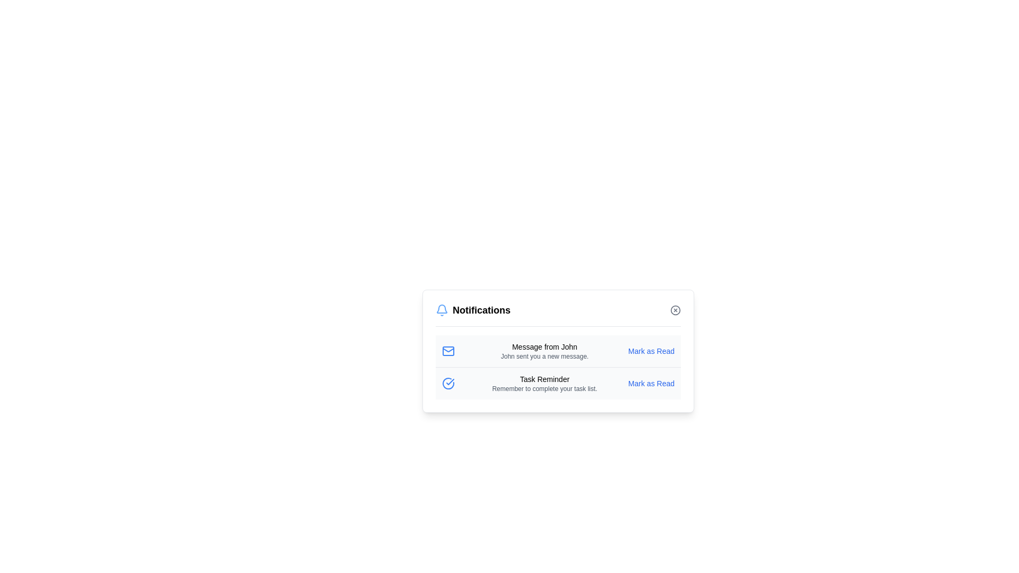 The height and width of the screenshot is (573, 1019). I want to click on the sky-blue bell icon located at the top-left corner of the 'Notifications' title group, so click(442, 310).